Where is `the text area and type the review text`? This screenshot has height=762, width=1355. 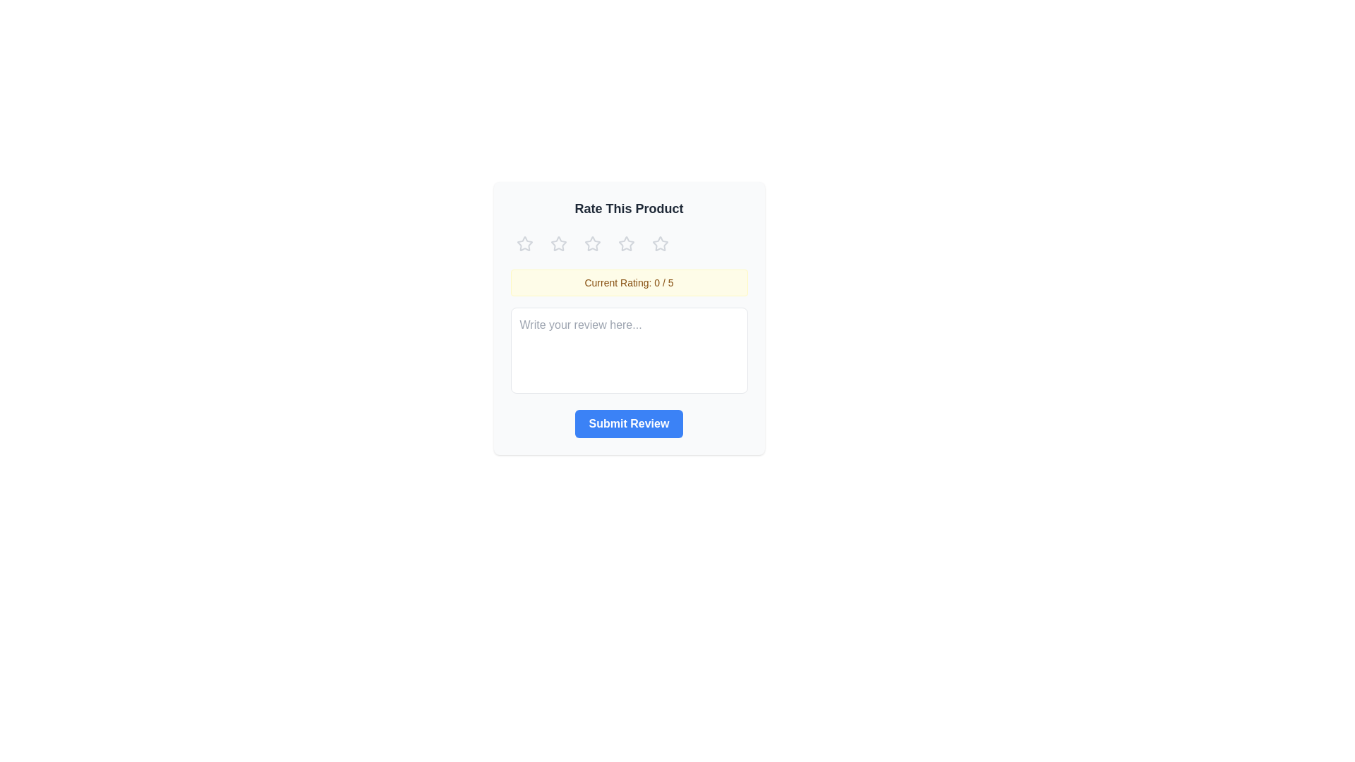 the text area and type the review text is located at coordinates (628, 350).